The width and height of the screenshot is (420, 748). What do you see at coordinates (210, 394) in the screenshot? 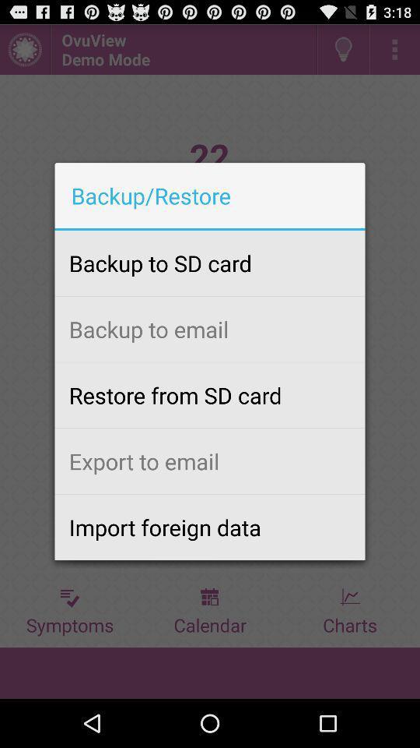
I see `restore from sd` at bounding box center [210, 394].